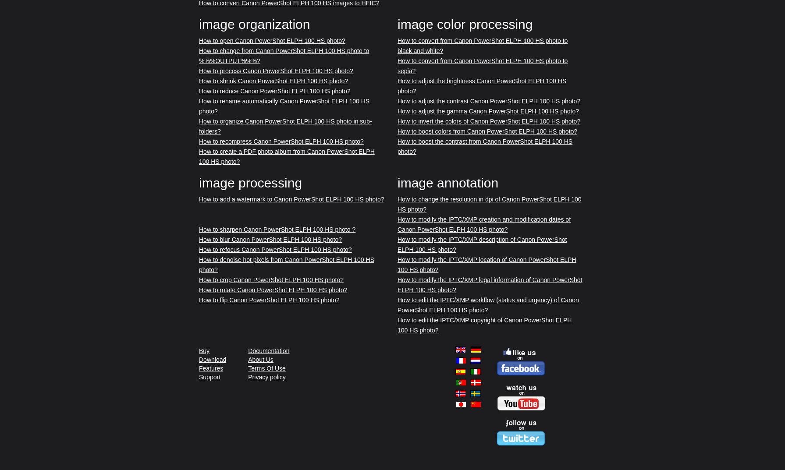 The height and width of the screenshot is (470, 785). I want to click on 'How to boost colors from  Canon PowerShot ELPH 100 HS photo?', so click(487, 131).